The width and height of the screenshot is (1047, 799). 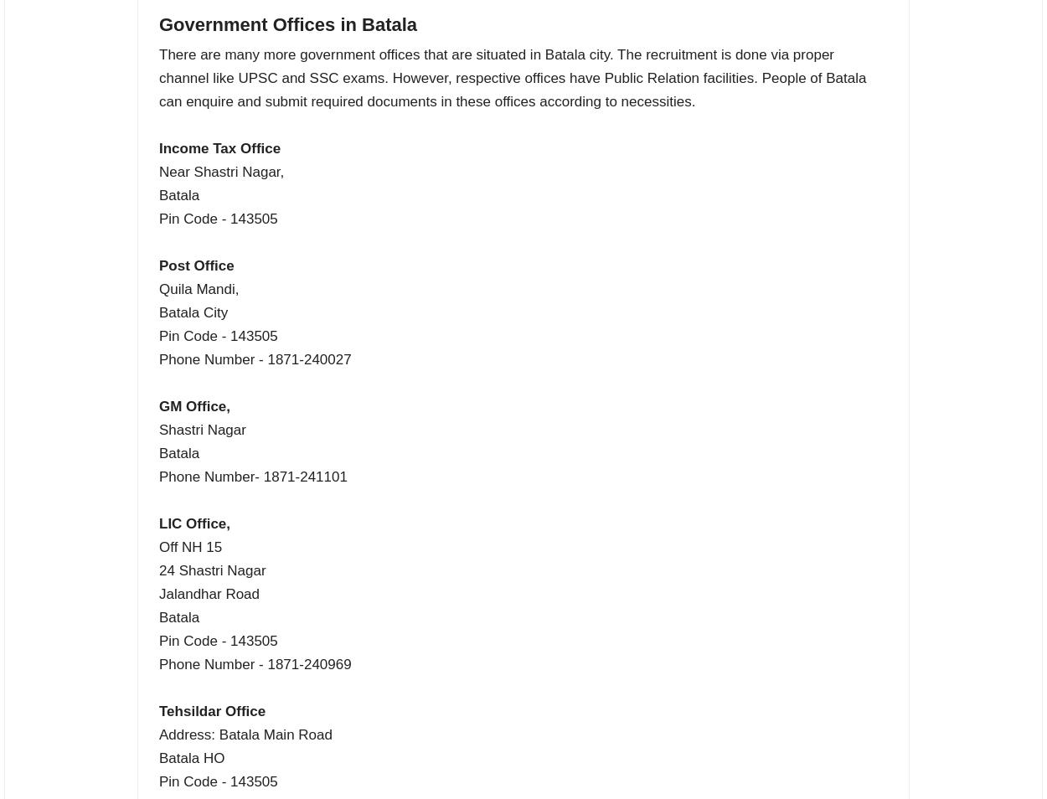 I want to click on 'Batala City', so click(x=193, y=312).